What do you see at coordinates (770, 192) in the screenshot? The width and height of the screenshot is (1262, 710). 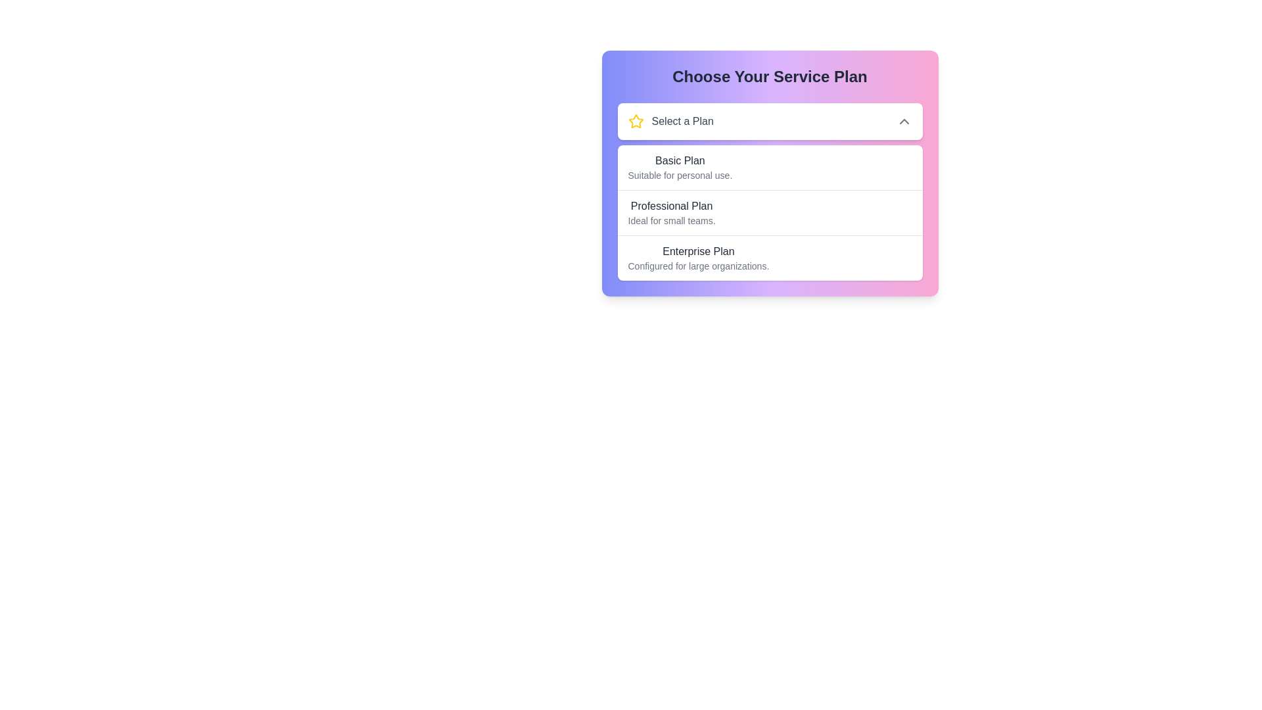 I see `the 'Professional Plan' list item, which is the second option in the service plan selection list located under the section titled 'Choose Your Service Plan'` at bounding box center [770, 192].